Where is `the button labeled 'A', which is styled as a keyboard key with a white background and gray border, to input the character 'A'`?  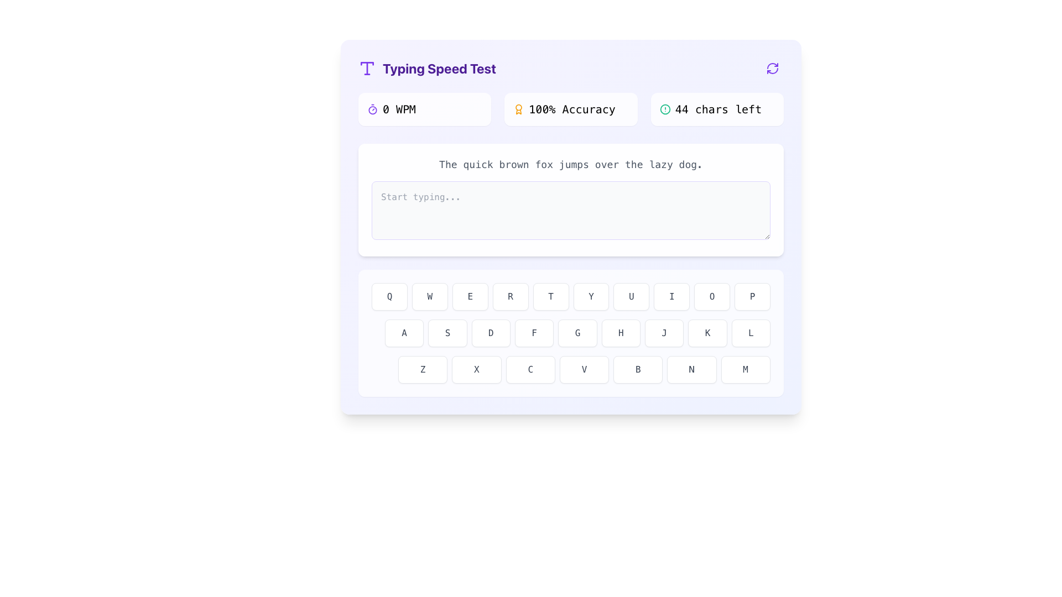
the button labeled 'A', which is styled as a keyboard key with a white background and gray border, to input the character 'A' is located at coordinates (404, 332).